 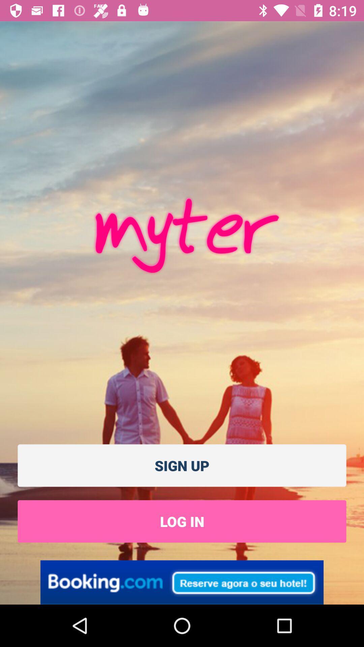 What do you see at coordinates (182, 582) in the screenshot?
I see `click advertisement` at bounding box center [182, 582].